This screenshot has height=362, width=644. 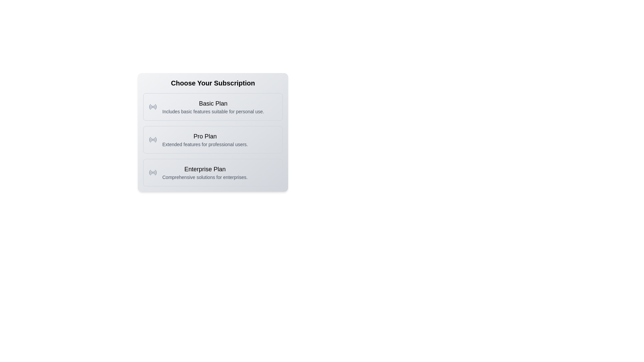 I want to click on the text label stating 'Enterprise Plan' which is prominently displayed in the subscription selection interface, so click(x=205, y=169).